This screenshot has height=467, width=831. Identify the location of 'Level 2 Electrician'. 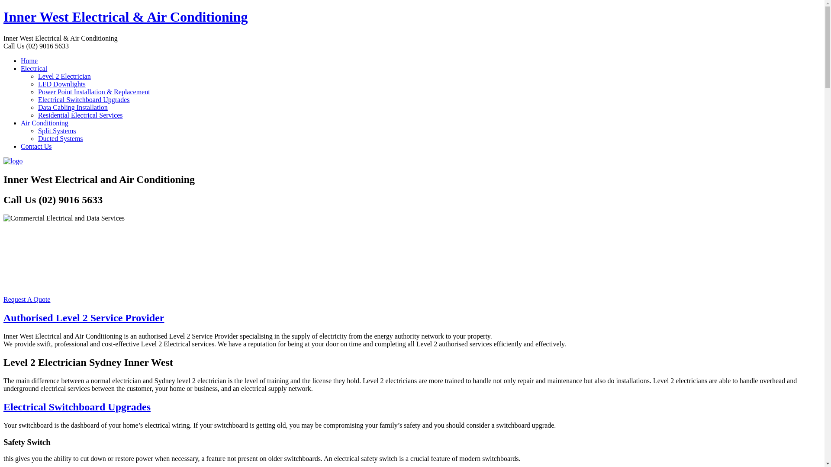
(37, 76).